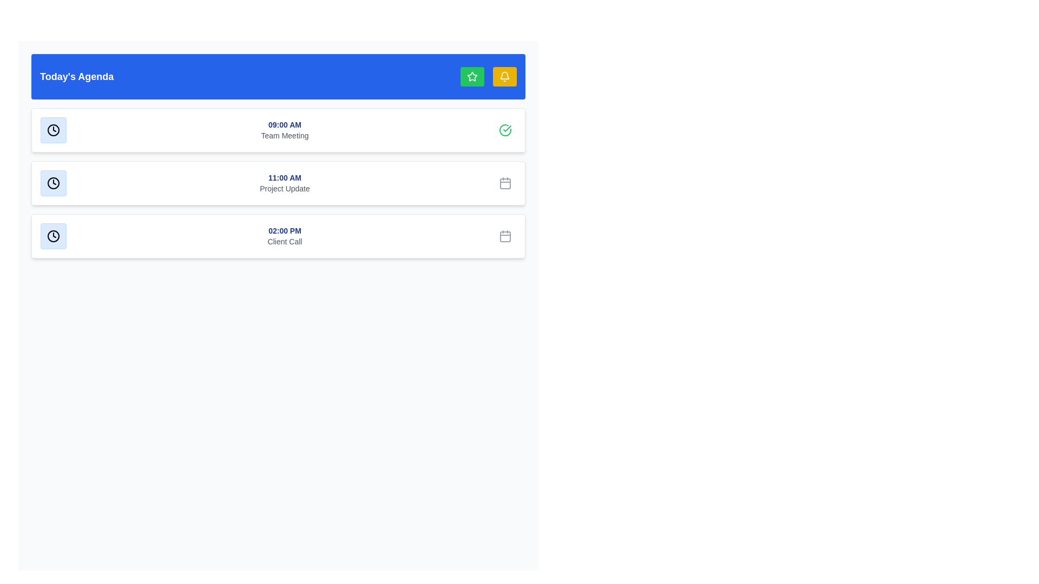 Image resolution: width=1039 pixels, height=584 pixels. What do you see at coordinates (472, 76) in the screenshot?
I see `the interactive icon located in the top-right section of the interface, within a green circular button in the header section colored blue` at bounding box center [472, 76].